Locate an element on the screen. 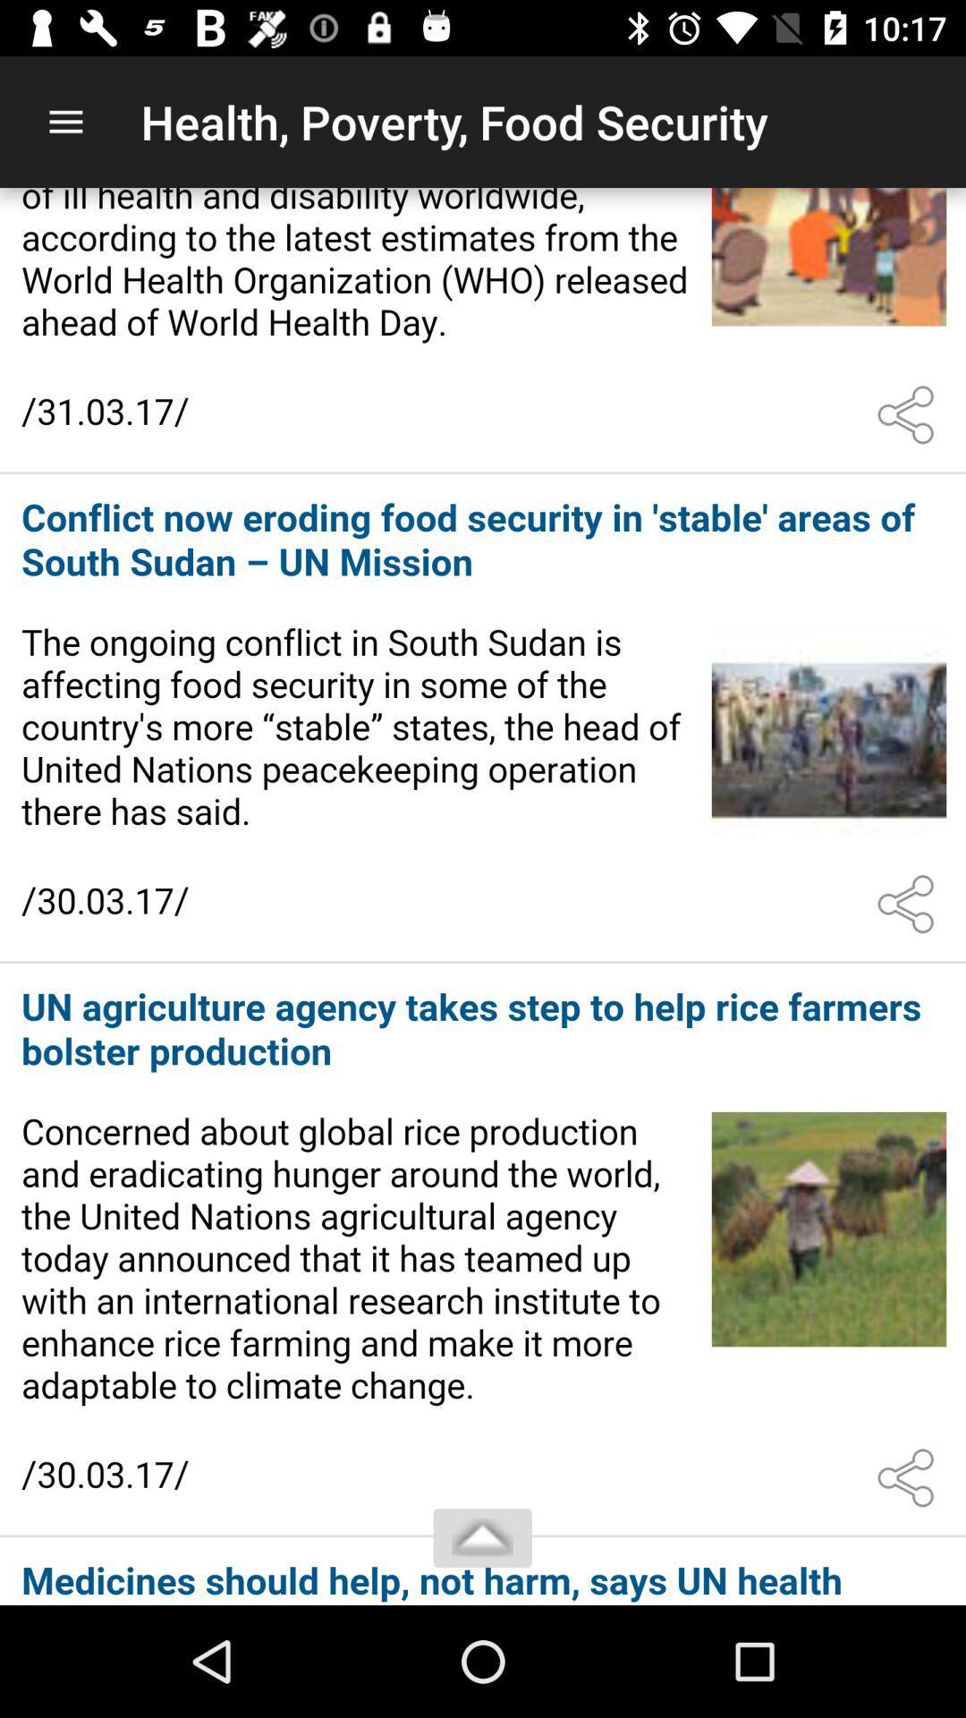 The height and width of the screenshot is (1718, 966). share is located at coordinates (910, 414).